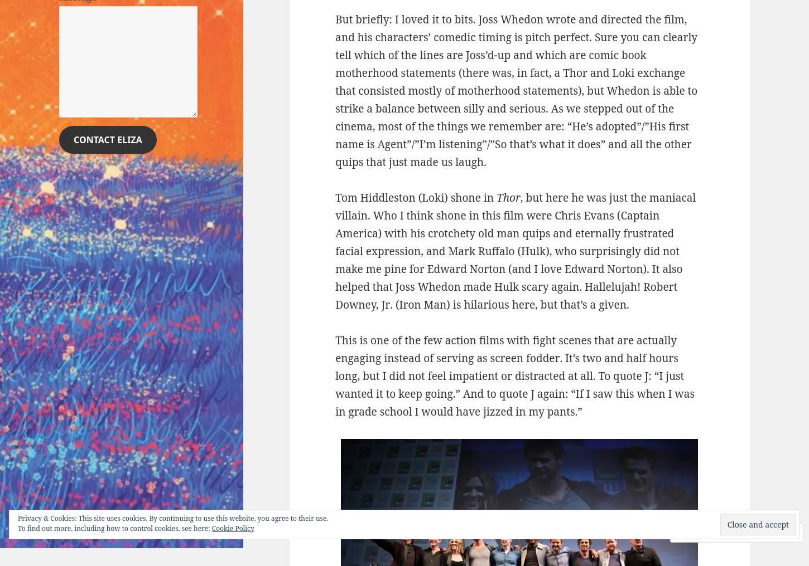  What do you see at coordinates (516, 89) in the screenshot?
I see `'But briefly: I loved it to bits. Joss Whedon wrote and directed the film, and his characters’ comedic timing is pitch perfect. Sure you can clearly tell which of the lines are Joss’d-up and which are comic book motherhood statements (there was, in fact, a Thor and Loki exchange that consisted mostly of motherhood statements), but Whedon is able to strike a balance between silly and serious. As we stepped out of the cinema, most of the things we remember are: “He’s adopted”/”His first name is Agent”/”I’m listening”/”So that’s what it does” and all the other quips that just made us laugh.'` at bounding box center [516, 89].